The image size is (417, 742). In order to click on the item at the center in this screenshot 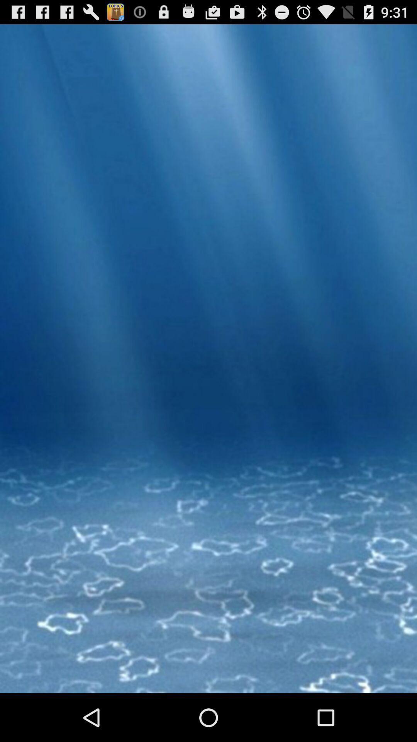, I will do `click(208, 389)`.